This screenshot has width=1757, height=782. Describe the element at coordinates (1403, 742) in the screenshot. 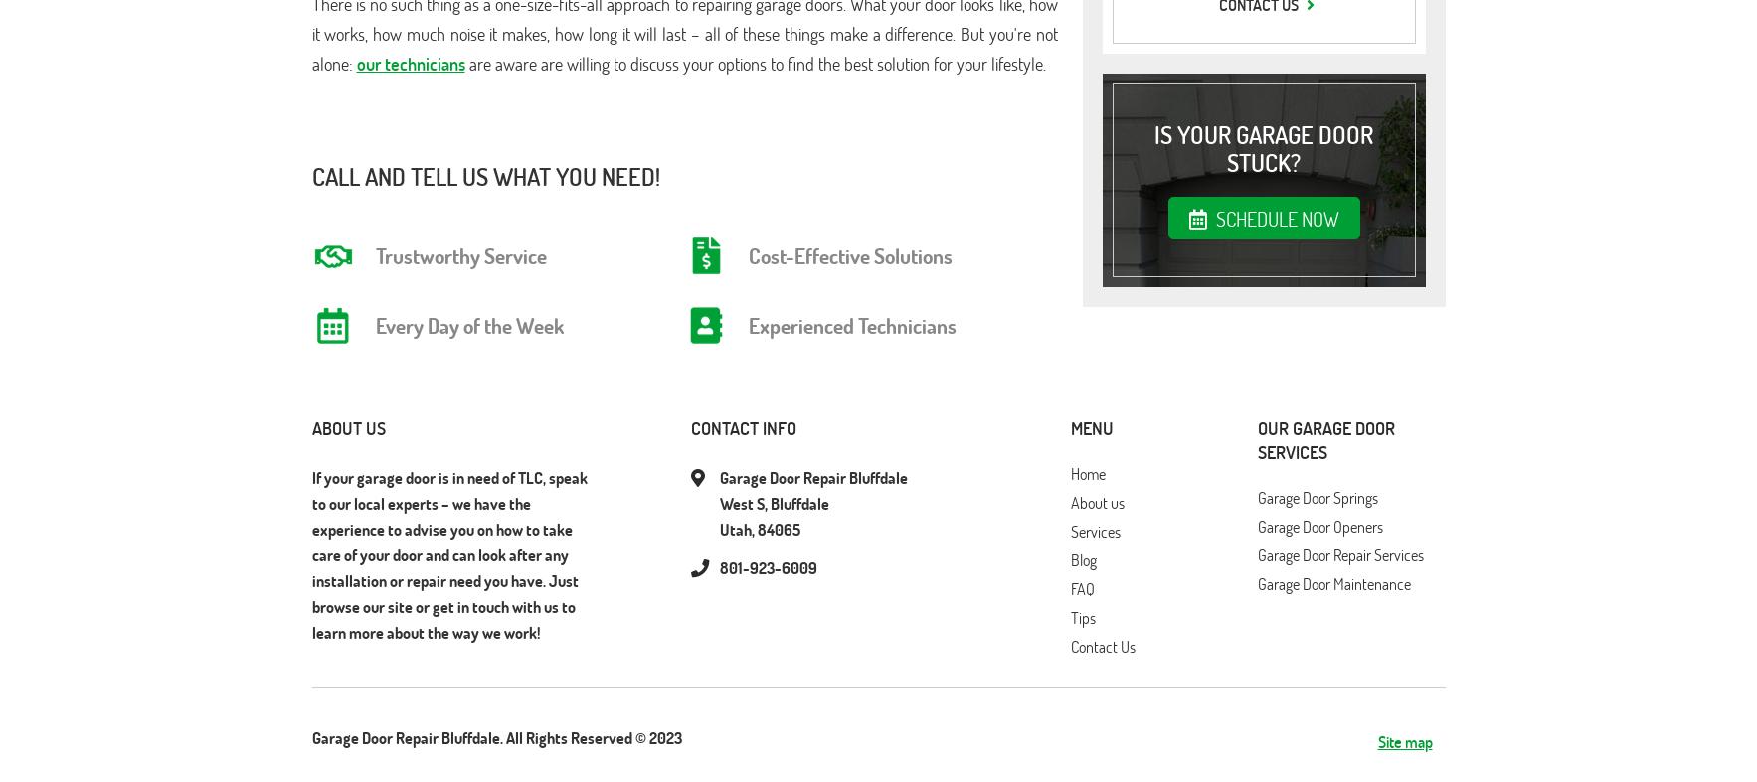

I see `'Site map'` at that location.